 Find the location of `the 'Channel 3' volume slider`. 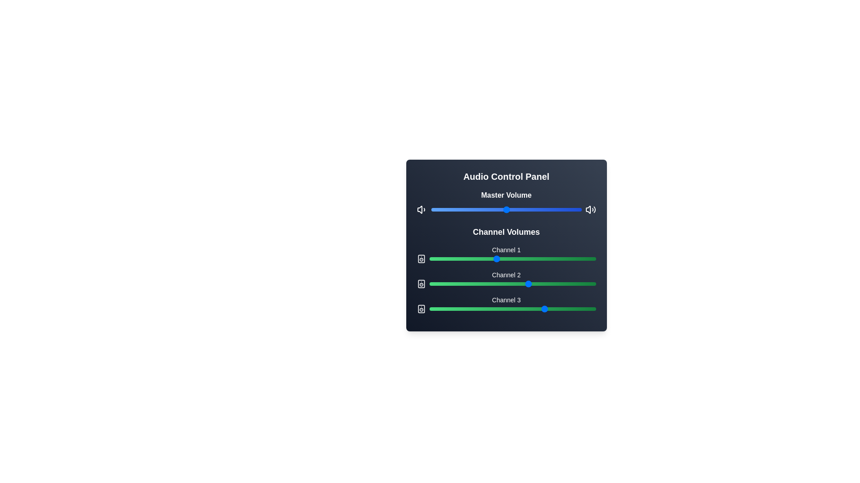

the 'Channel 3' volume slider is located at coordinates (560, 306).